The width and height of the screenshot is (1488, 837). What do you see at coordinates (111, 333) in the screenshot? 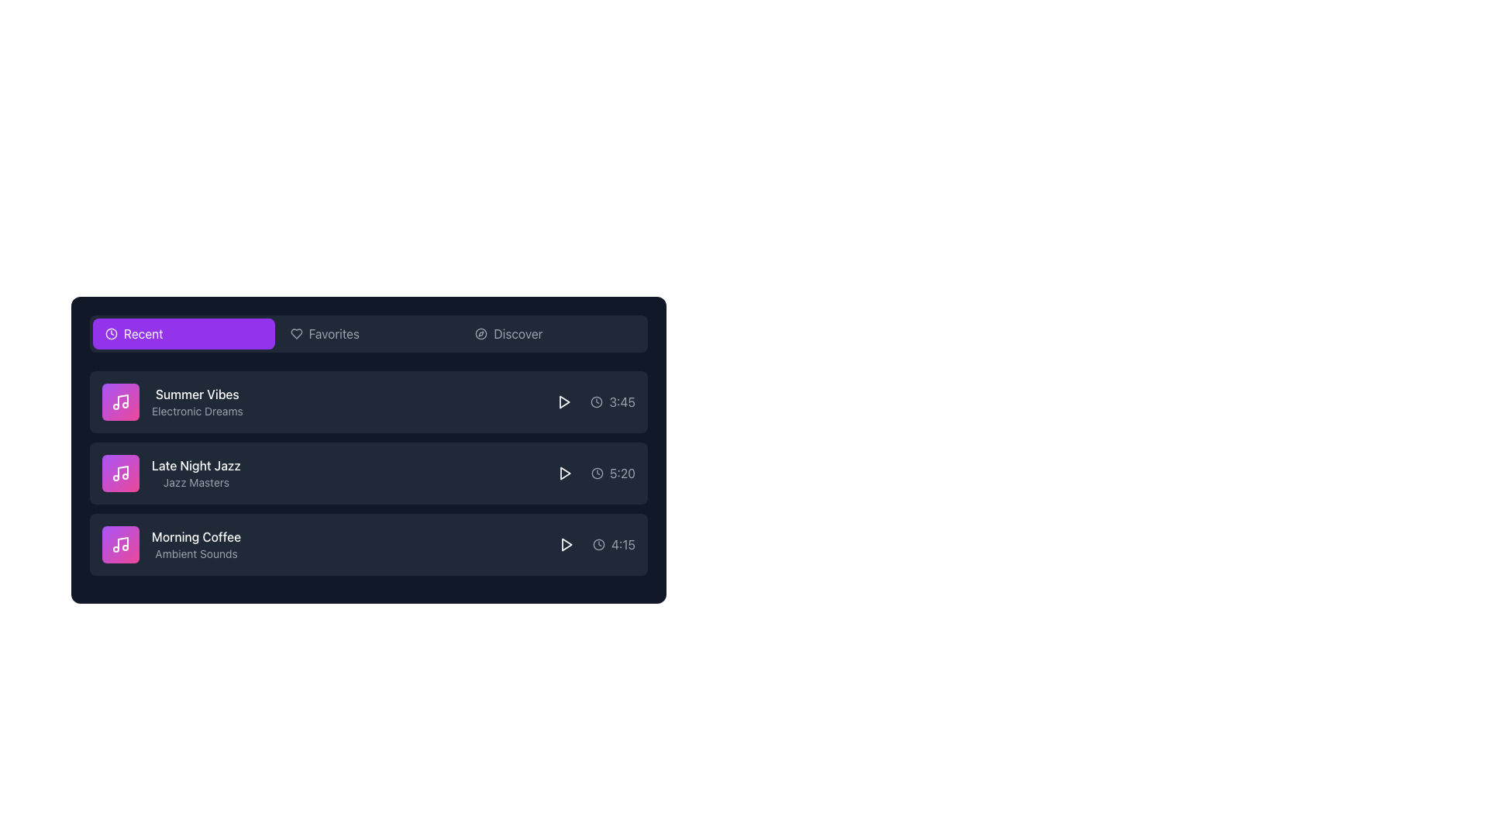
I see `the decorative circle representing the border of the clock icon, located near the center of the SVG element, adjacent to the purple 'Recent' tab` at bounding box center [111, 333].